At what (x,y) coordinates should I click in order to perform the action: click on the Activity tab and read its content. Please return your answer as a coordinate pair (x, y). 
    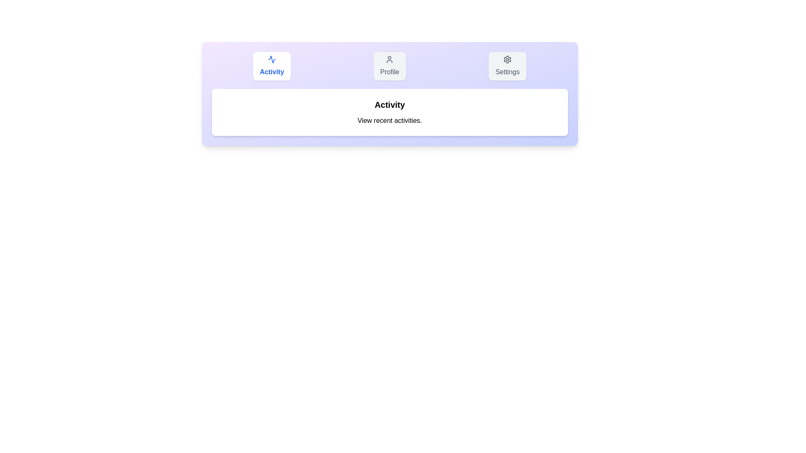
    Looking at the image, I should click on (272, 66).